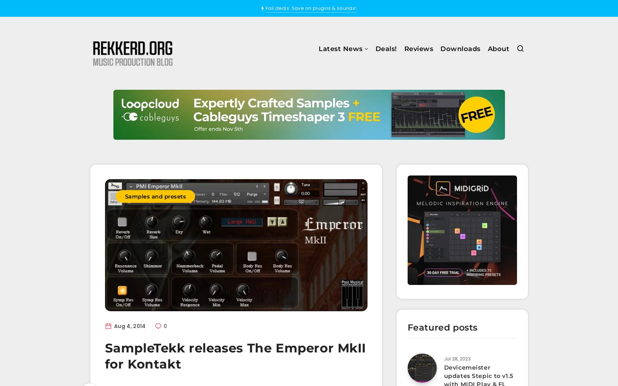 The image size is (618, 386). What do you see at coordinates (285, 70) in the screenshot?
I see `'All News'` at bounding box center [285, 70].